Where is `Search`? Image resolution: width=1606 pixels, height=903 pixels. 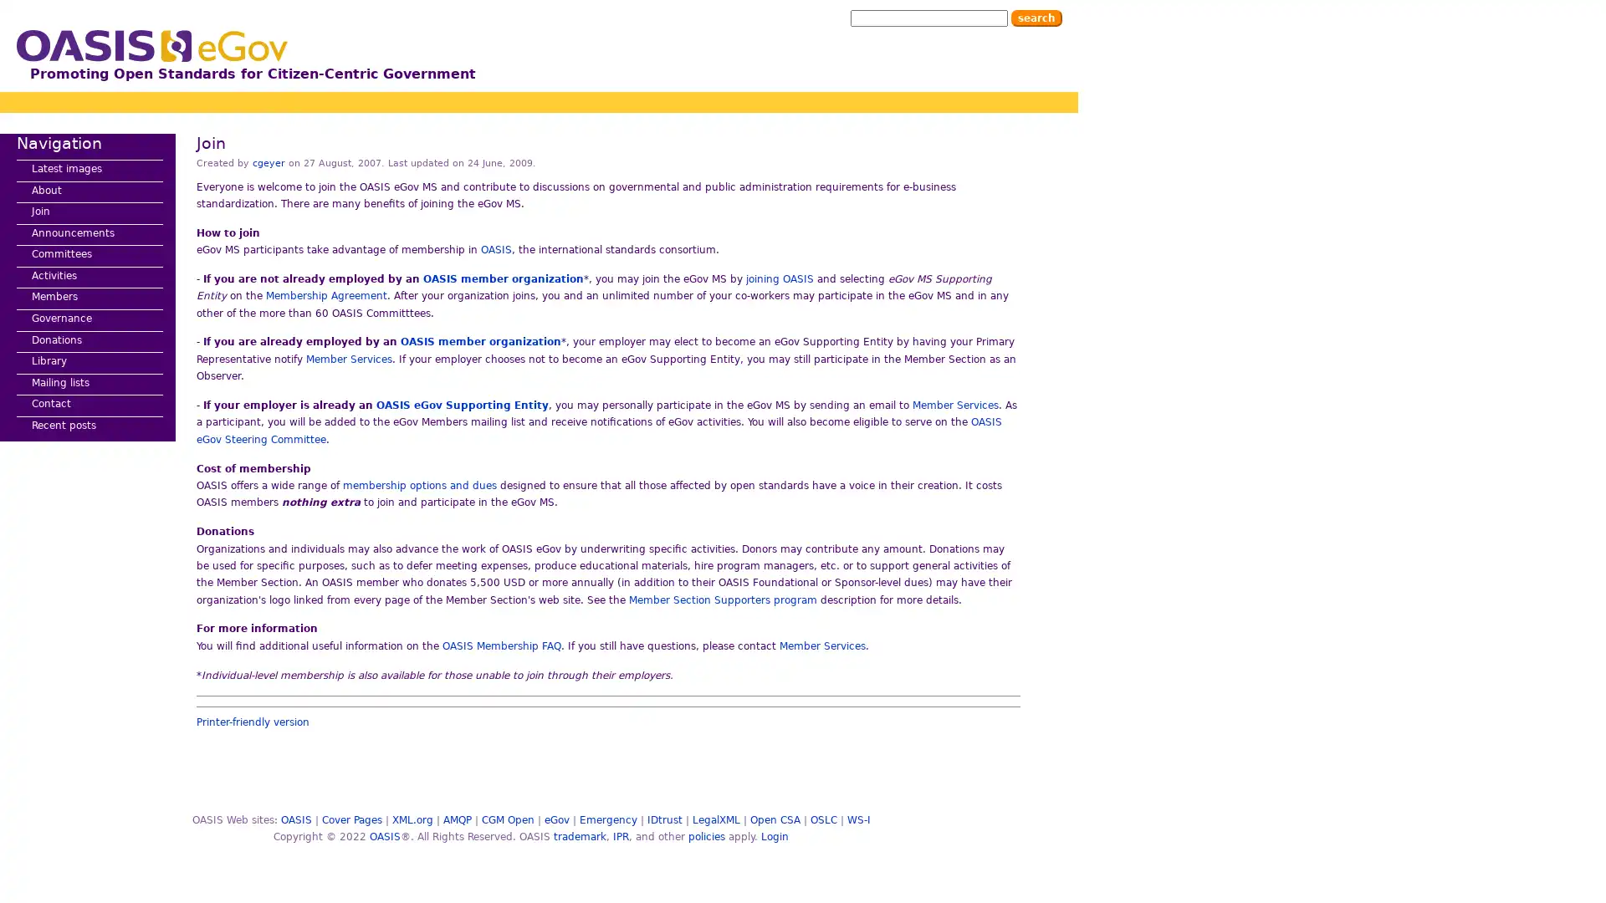 Search is located at coordinates (1036, 18).